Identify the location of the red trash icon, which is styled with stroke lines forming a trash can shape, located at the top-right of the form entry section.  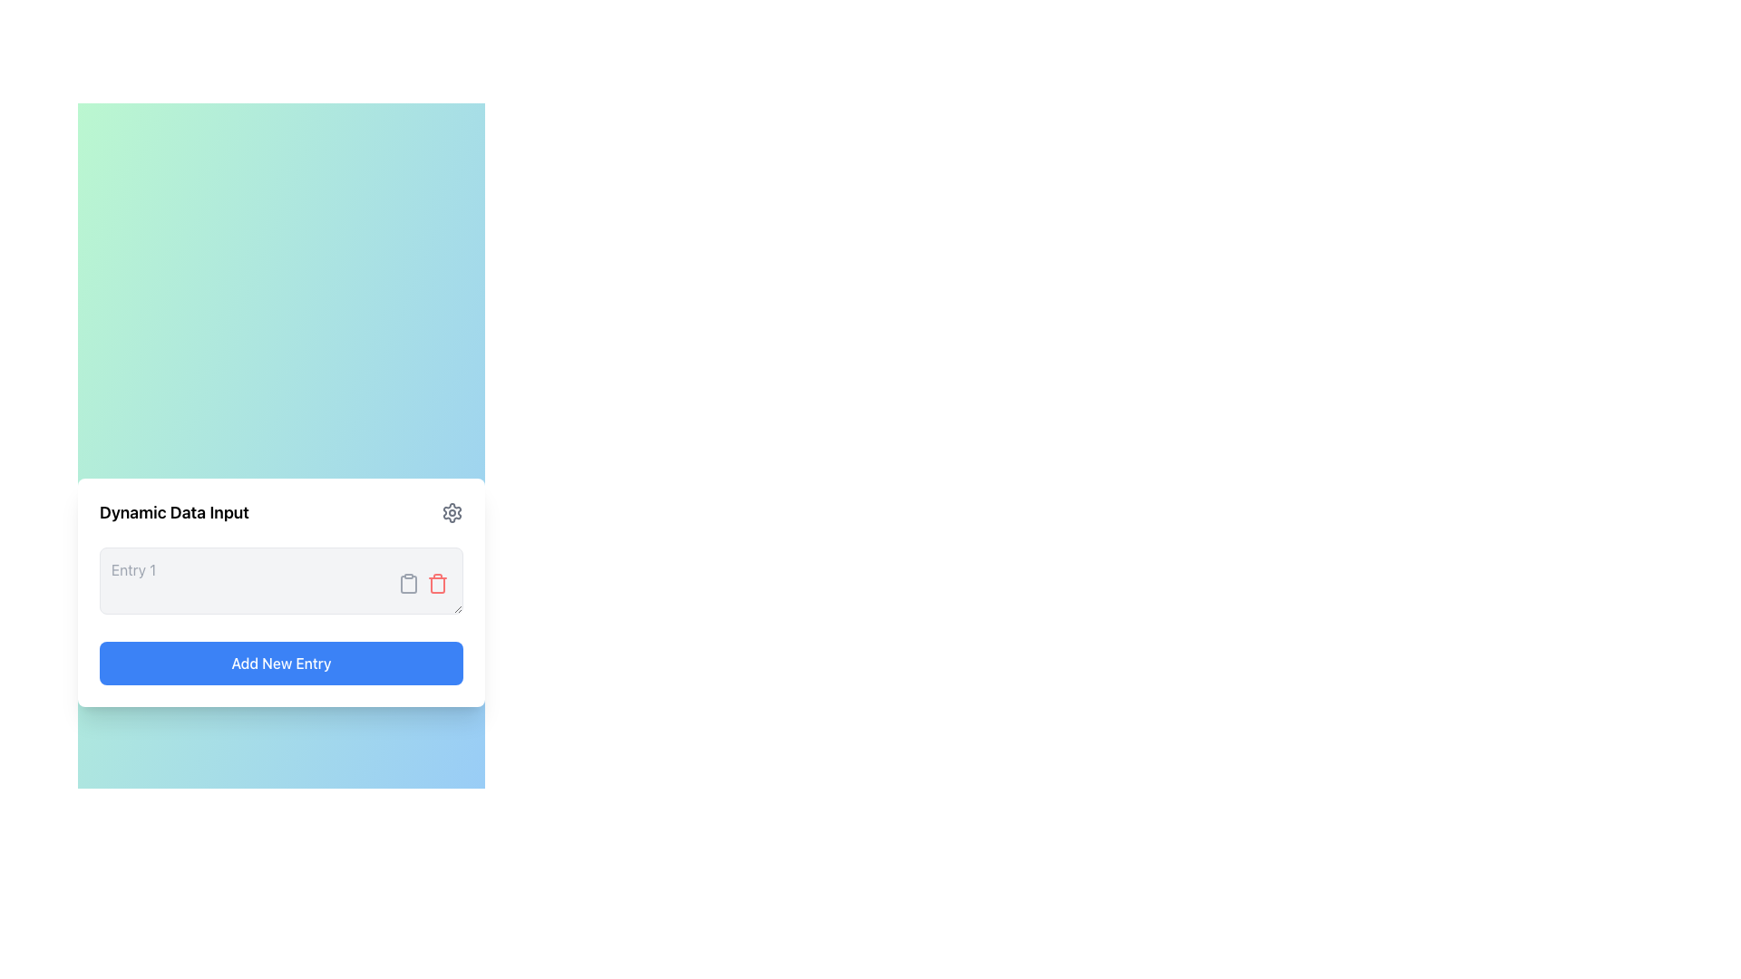
(438, 584).